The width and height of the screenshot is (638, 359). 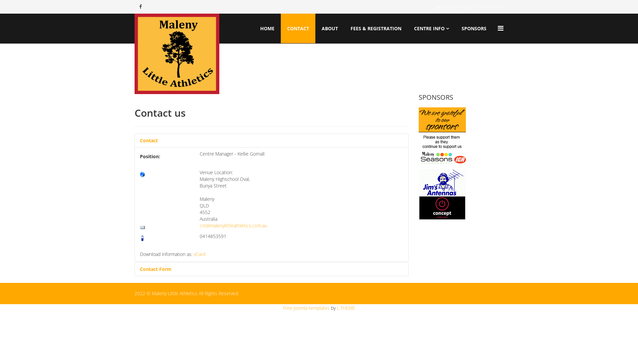 I want to click on 'L.THEME', so click(x=346, y=308).